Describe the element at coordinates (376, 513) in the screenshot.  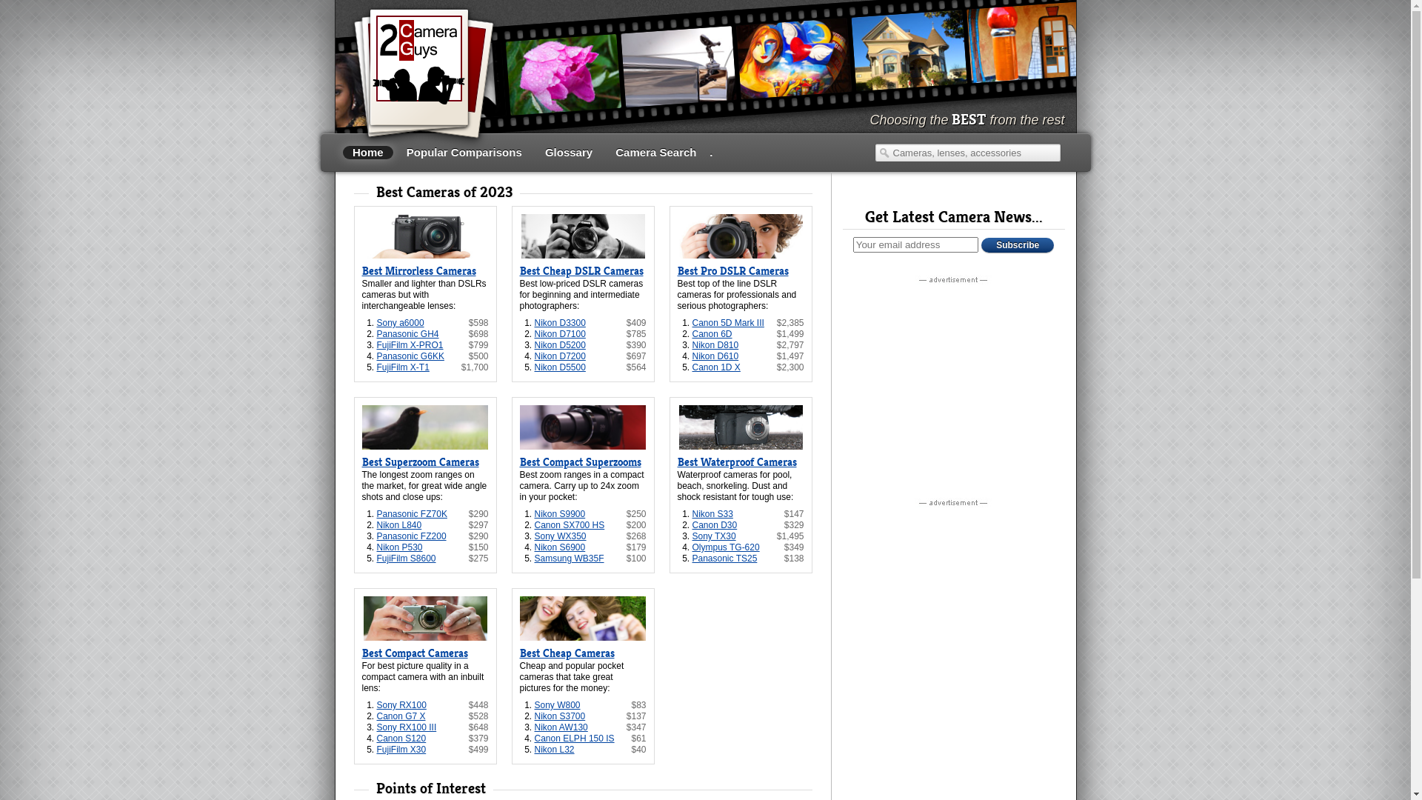
I see `'Panasonic FZ70K'` at that location.